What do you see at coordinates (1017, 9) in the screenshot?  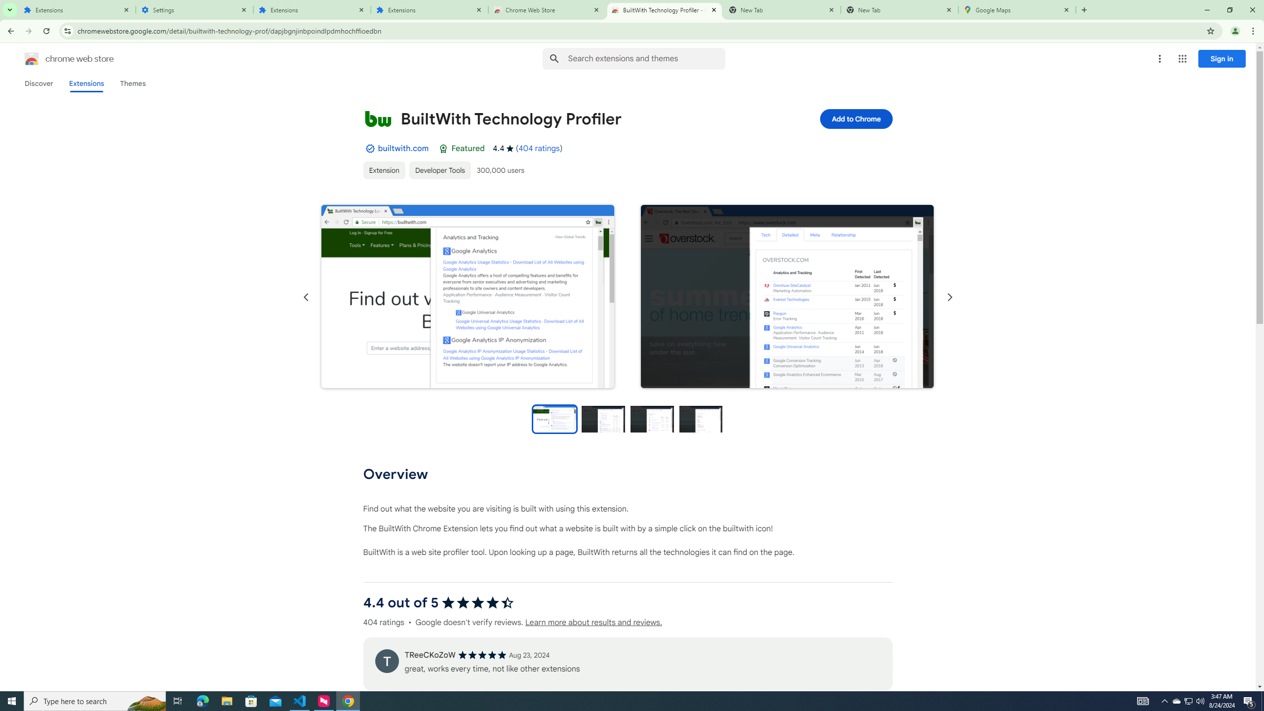 I see `'Google Maps'` at bounding box center [1017, 9].